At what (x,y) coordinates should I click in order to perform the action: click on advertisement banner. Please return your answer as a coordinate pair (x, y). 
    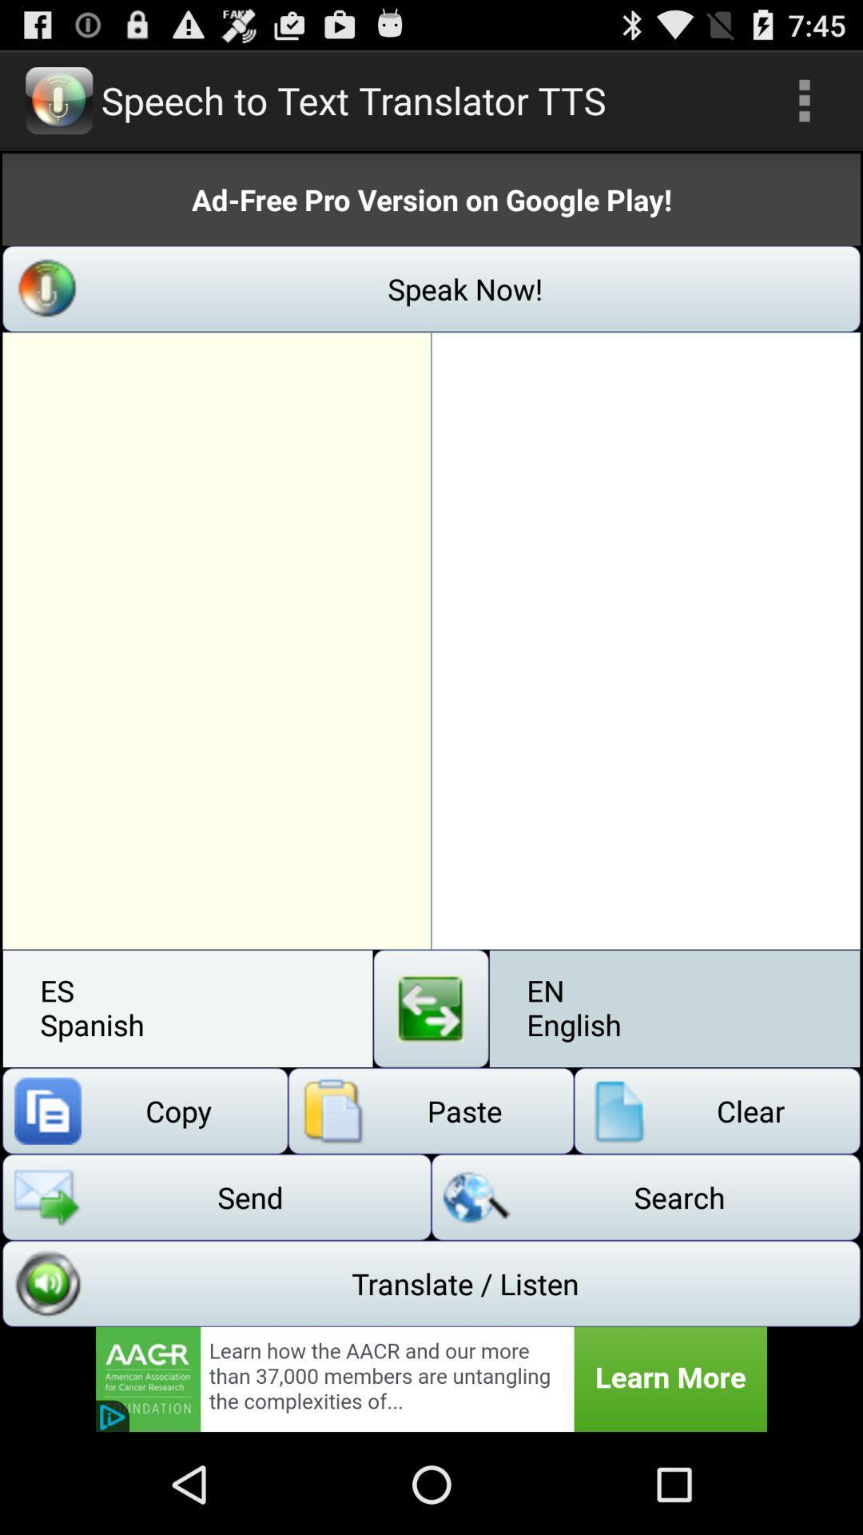
    Looking at the image, I should click on (431, 1378).